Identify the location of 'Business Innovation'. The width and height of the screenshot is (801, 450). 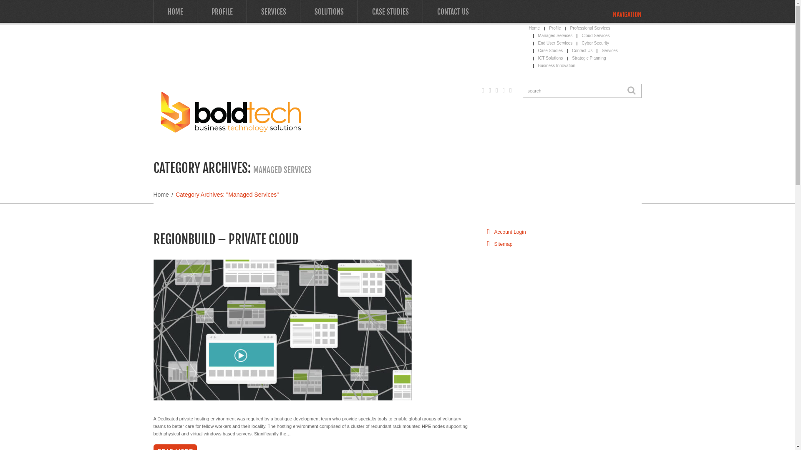
(557, 65).